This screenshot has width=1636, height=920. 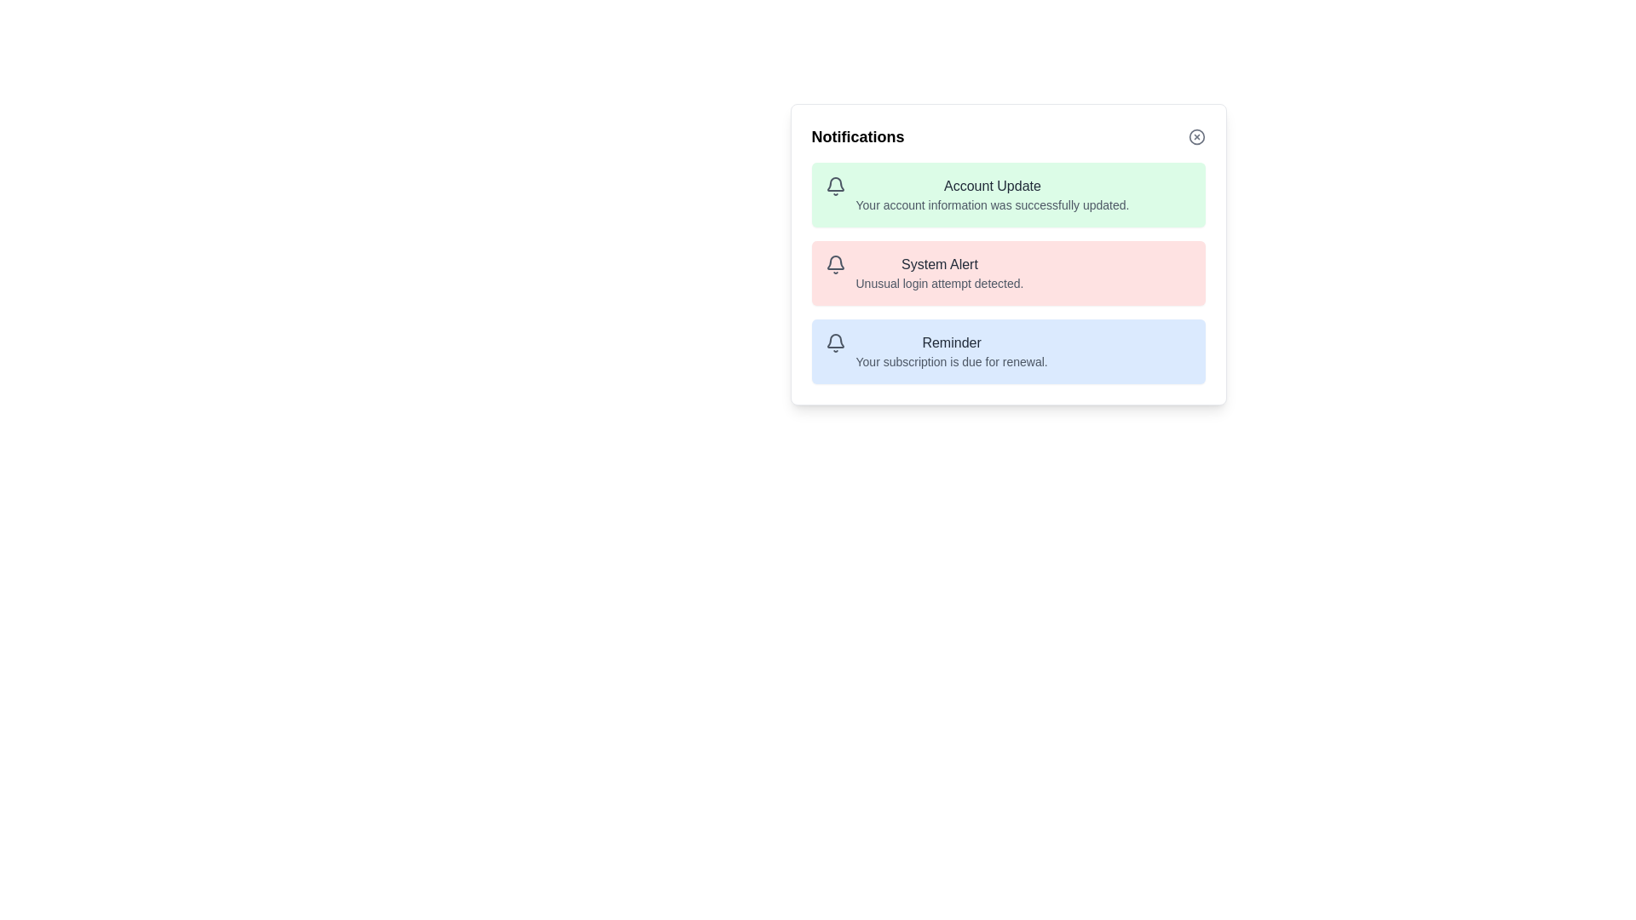 I want to click on notification titled 'System Alert' with the message 'Unusual login attempt detected.' which is the second notification in the Notifications section, so click(x=1008, y=272).